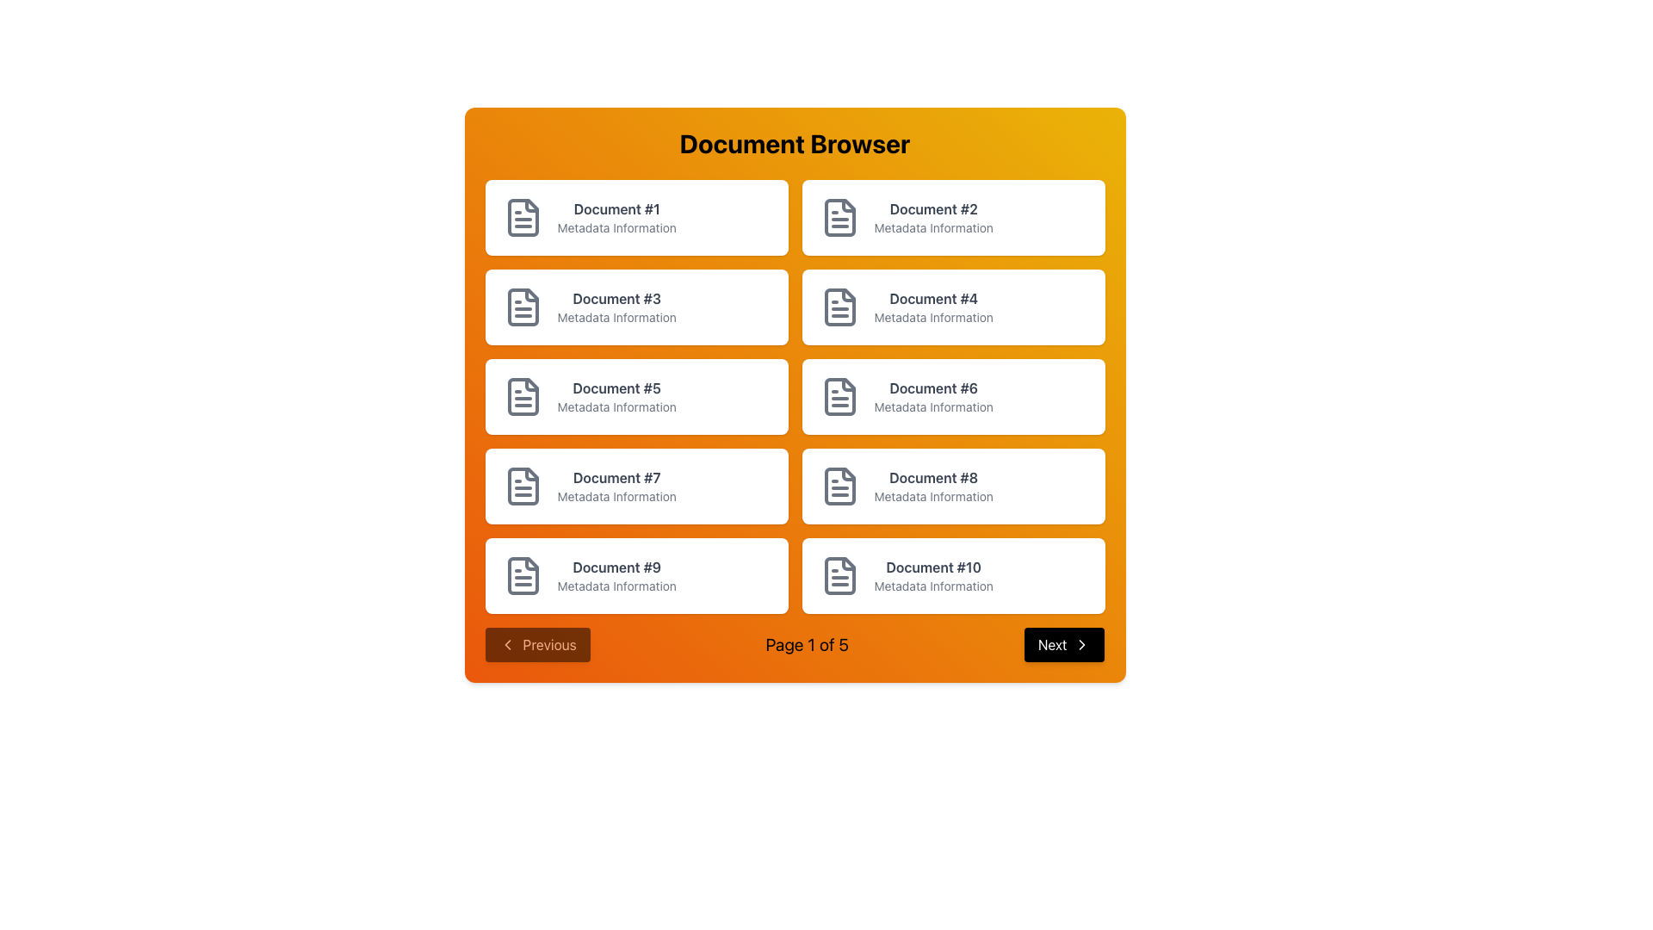 The image size is (1653, 930). What do you see at coordinates (522, 397) in the screenshot?
I see `the light gray document icon located in the first column, third row of the 'Document #5' card to trigger a tooltip` at bounding box center [522, 397].